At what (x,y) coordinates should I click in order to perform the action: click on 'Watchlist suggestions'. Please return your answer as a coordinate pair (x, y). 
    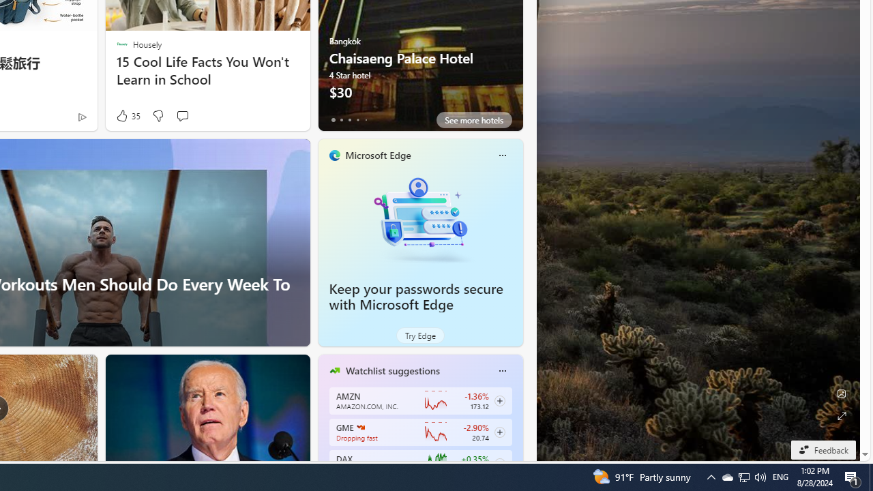
    Looking at the image, I should click on (391, 370).